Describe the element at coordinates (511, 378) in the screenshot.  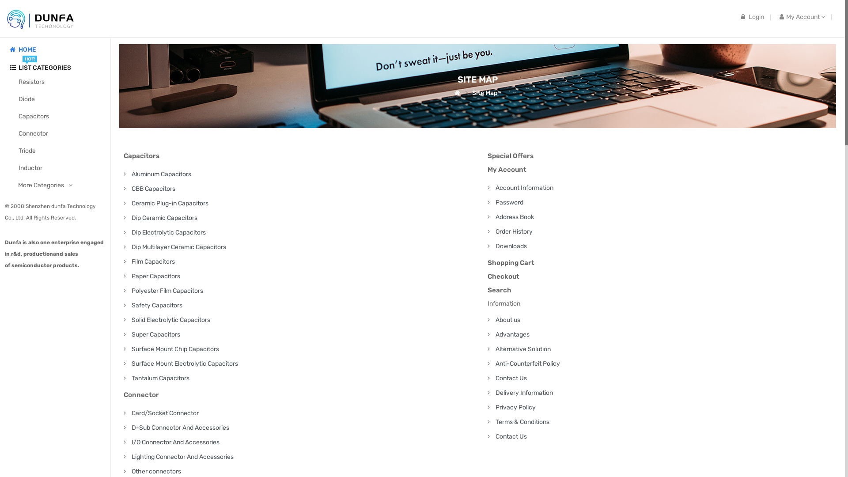
I see `'Contact Us'` at that location.